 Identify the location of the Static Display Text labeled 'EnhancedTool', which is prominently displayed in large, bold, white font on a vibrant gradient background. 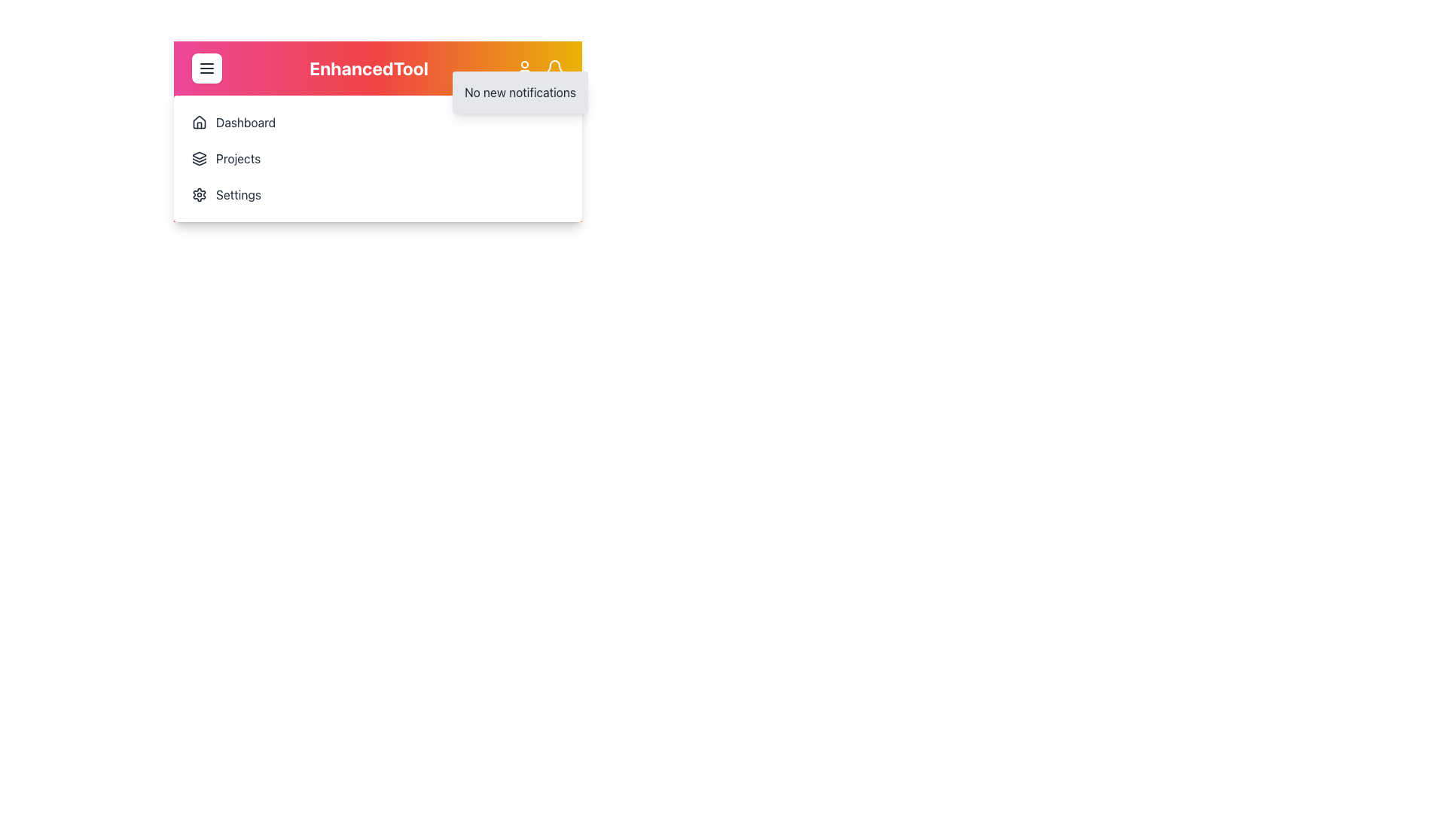
(368, 69).